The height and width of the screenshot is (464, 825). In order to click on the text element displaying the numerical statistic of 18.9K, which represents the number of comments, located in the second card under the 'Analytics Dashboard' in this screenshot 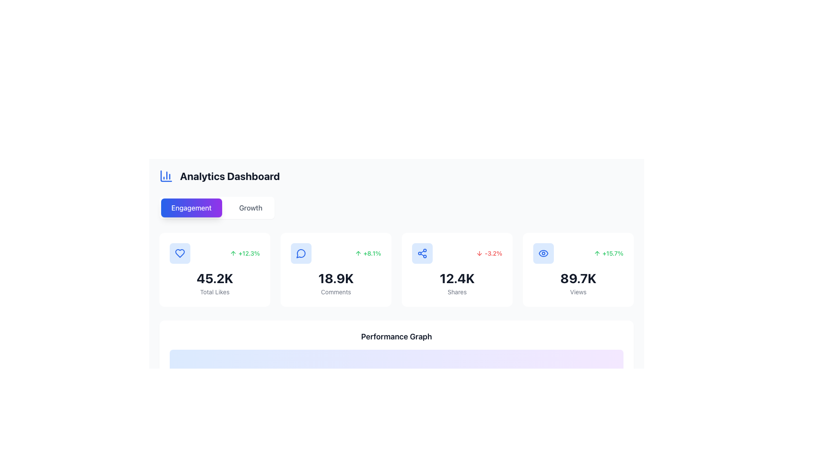, I will do `click(336, 278)`.